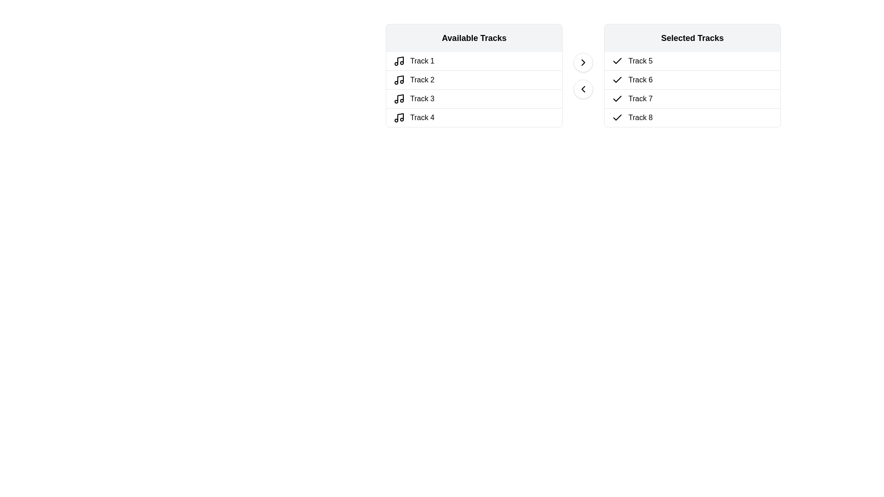 The height and width of the screenshot is (497, 884). I want to click on the text and checkmark icon of the first item in the 'Selected Tracks' list, which indicates 'Track 5' is included, so click(692, 61).